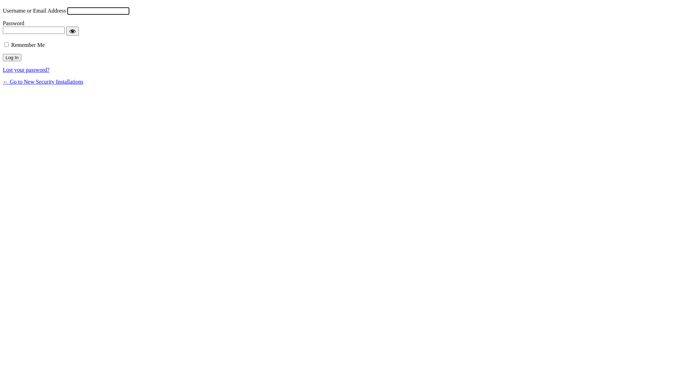 The image size is (673, 378). What do you see at coordinates (12, 57) in the screenshot?
I see `'Log In'` at bounding box center [12, 57].